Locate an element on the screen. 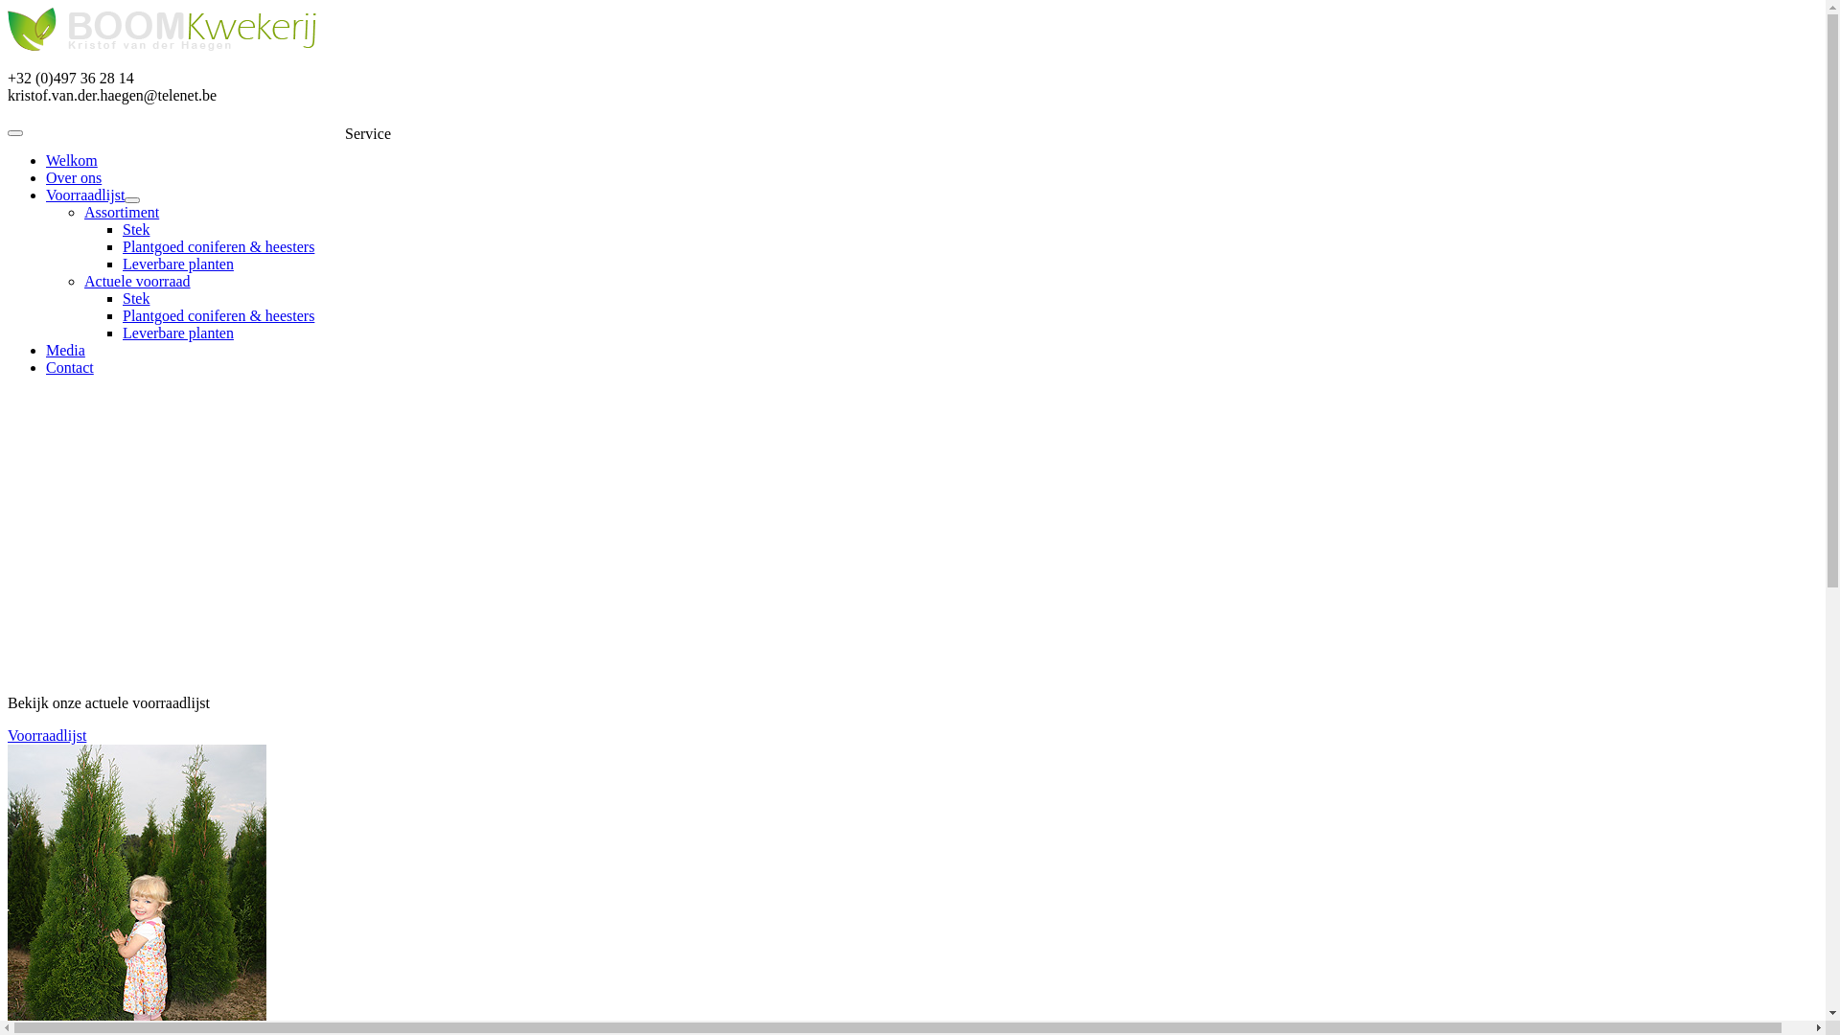 This screenshot has height=1035, width=1840. 'Over ons' is located at coordinates (46, 177).